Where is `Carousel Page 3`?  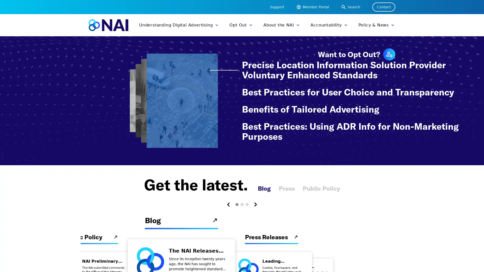 Carousel Page 3 is located at coordinates (247, 205).